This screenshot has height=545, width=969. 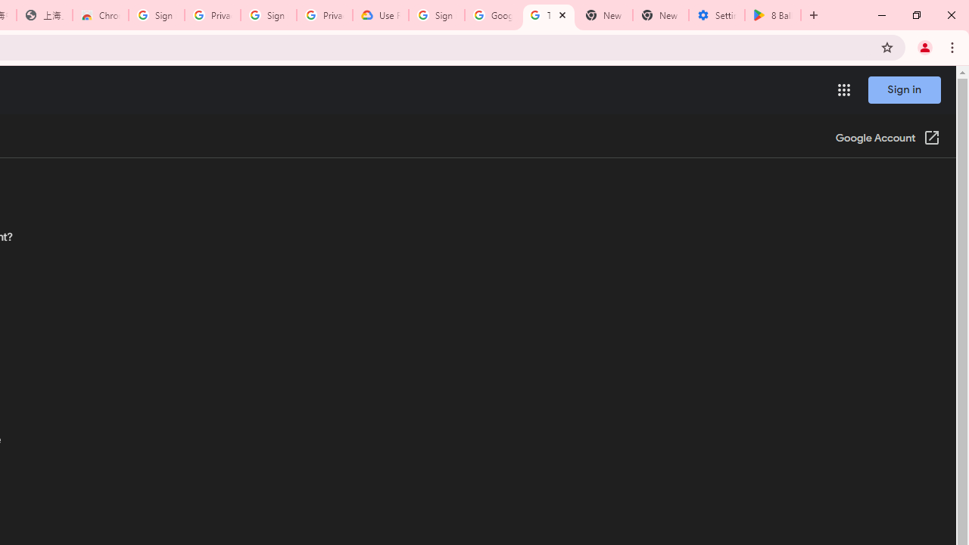 What do you see at coordinates (547, 15) in the screenshot?
I see `'Turn cookies on or off - Computer - Google Account Help'` at bounding box center [547, 15].